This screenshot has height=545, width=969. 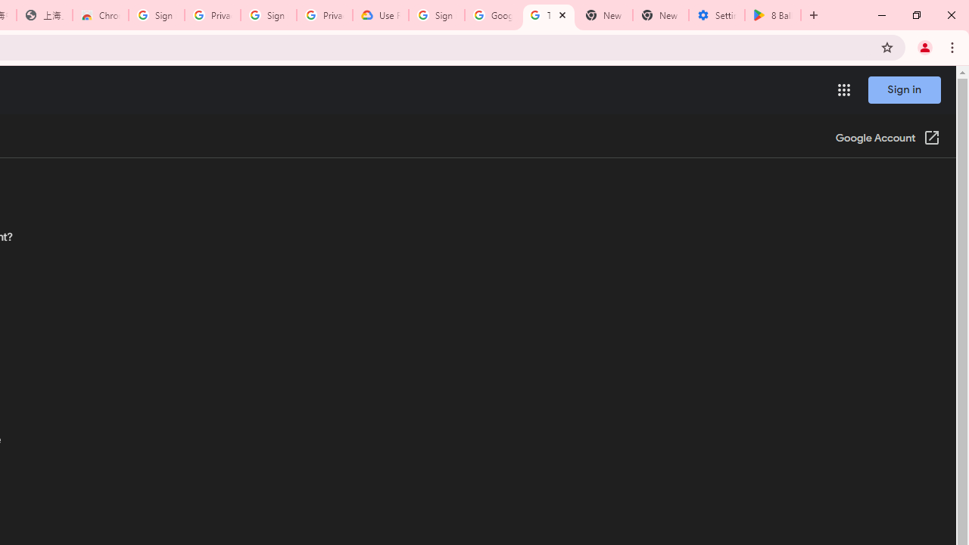 What do you see at coordinates (547, 15) in the screenshot?
I see `'Turn cookies on or off - Computer - Google Account Help'` at bounding box center [547, 15].